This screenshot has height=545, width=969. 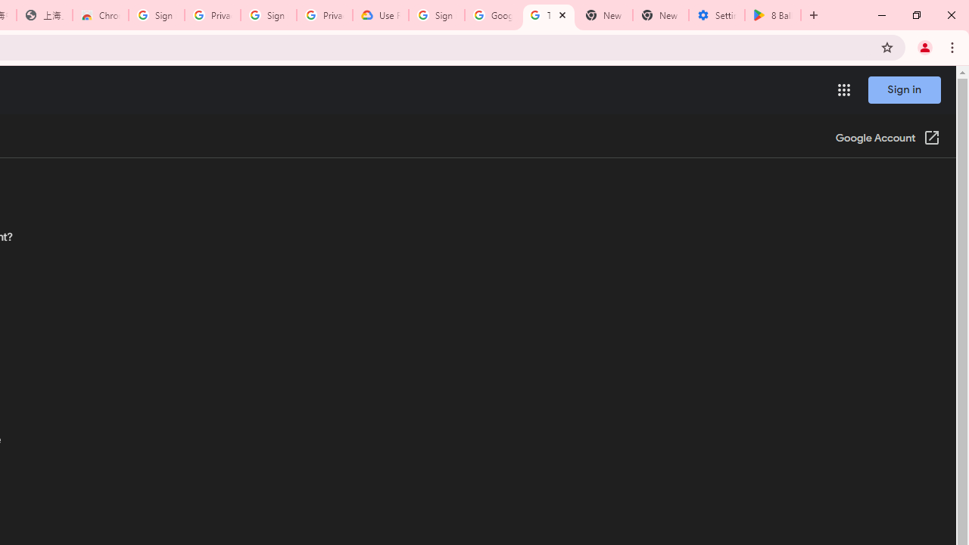 What do you see at coordinates (547, 15) in the screenshot?
I see `'Turn cookies on or off - Computer - Google Account Help'` at bounding box center [547, 15].